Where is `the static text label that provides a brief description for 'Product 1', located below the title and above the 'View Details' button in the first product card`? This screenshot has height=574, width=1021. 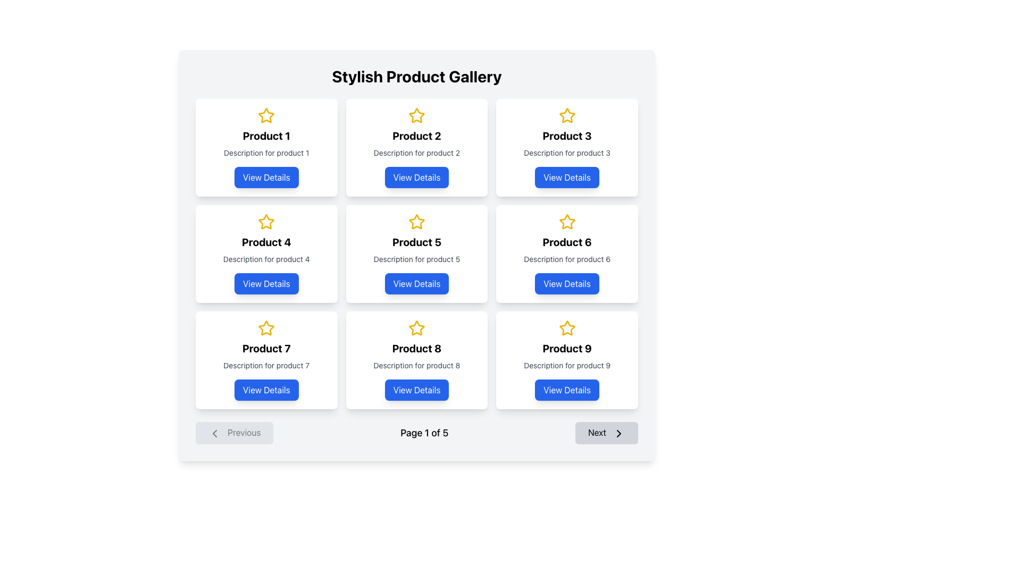
the static text label that provides a brief description for 'Product 1', located below the title and above the 'View Details' button in the first product card is located at coordinates (266, 153).